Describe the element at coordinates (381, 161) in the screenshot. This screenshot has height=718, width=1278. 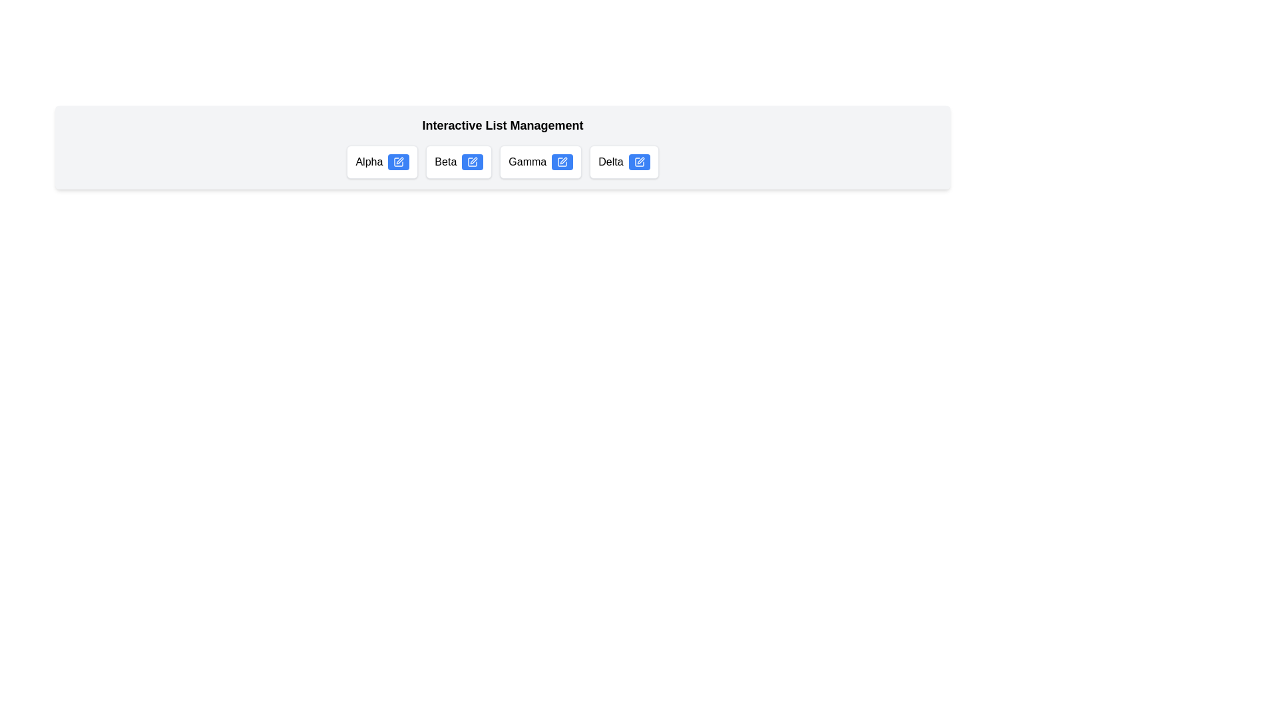
I see `the first card in the horizontal row labeled 'Alpha', which contains a blue button with an edit icon on the right` at that location.